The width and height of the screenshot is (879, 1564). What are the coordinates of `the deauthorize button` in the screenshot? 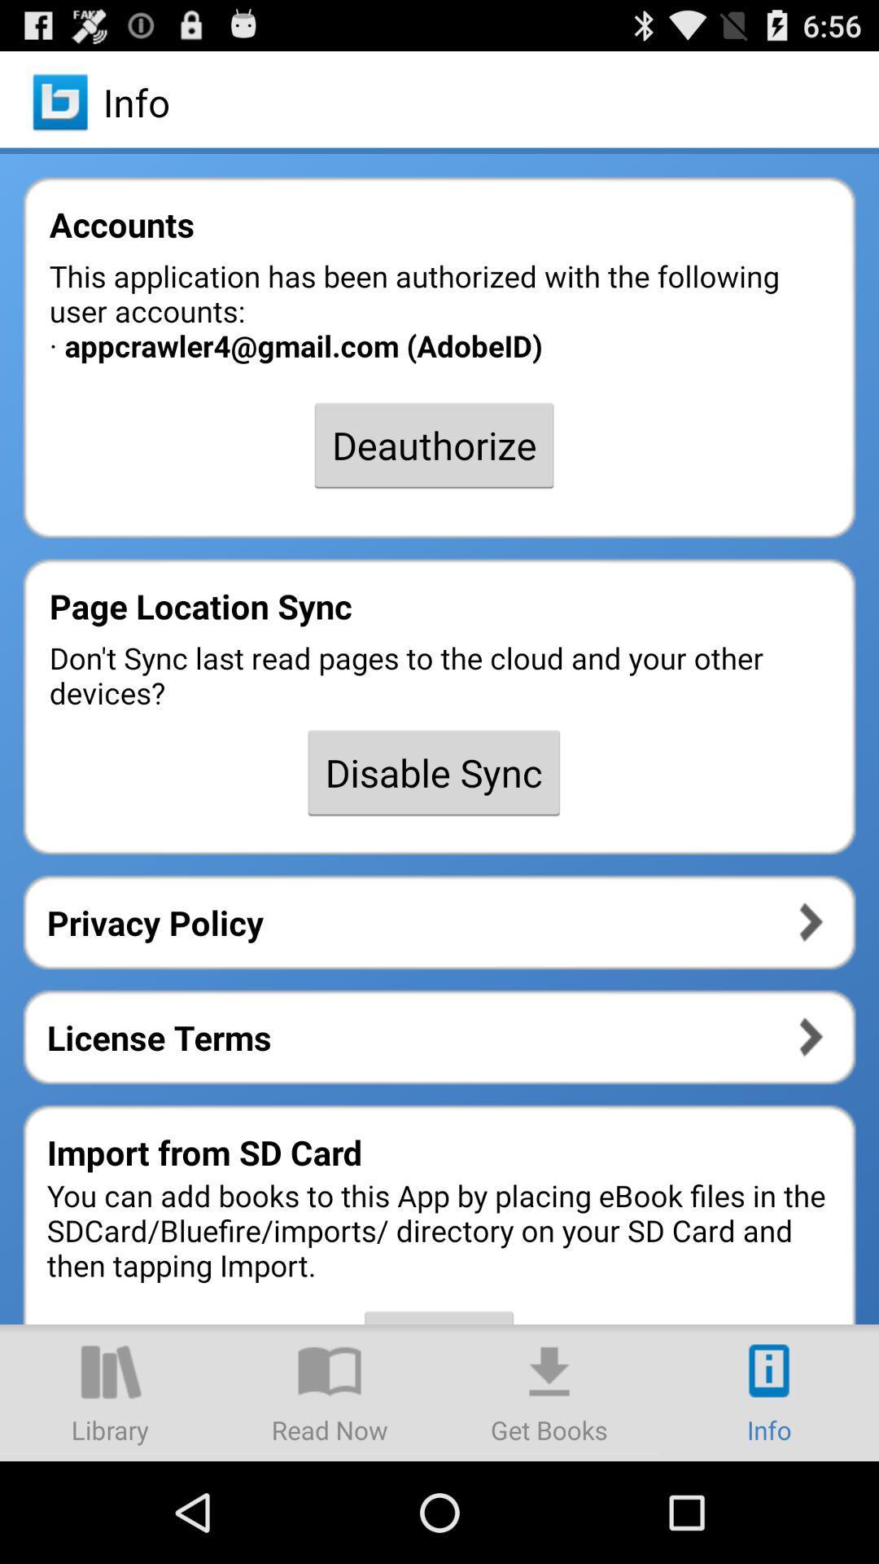 It's located at (433, 445).